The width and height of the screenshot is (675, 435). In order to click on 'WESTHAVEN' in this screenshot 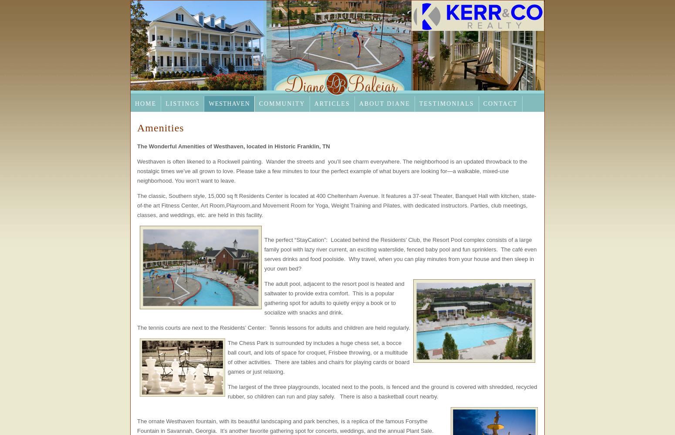, I will do `click(229, 103)`.